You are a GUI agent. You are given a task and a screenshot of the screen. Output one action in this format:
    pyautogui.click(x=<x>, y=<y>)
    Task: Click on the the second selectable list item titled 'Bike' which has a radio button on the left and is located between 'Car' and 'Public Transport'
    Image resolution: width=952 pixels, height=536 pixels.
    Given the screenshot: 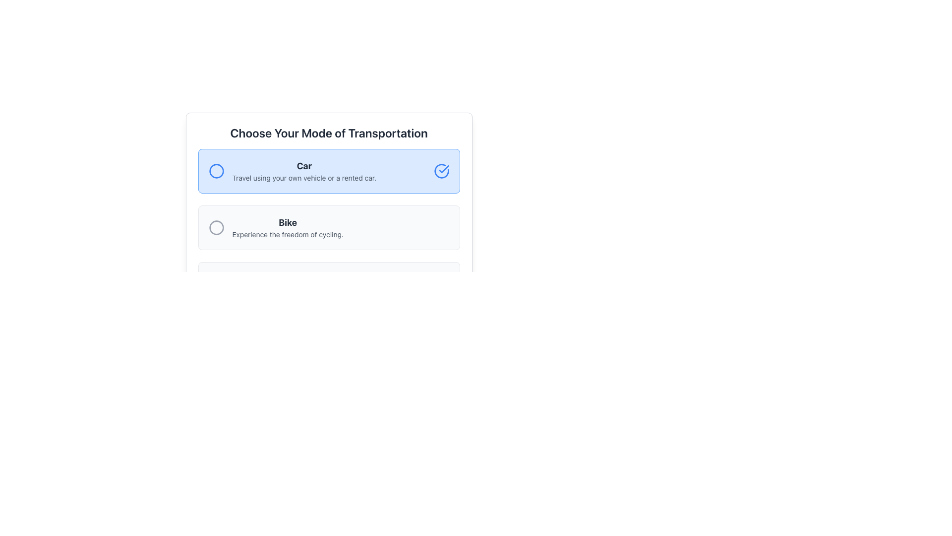 What is the action you would take?
    pyautogui.click(x=329, y=228)
    